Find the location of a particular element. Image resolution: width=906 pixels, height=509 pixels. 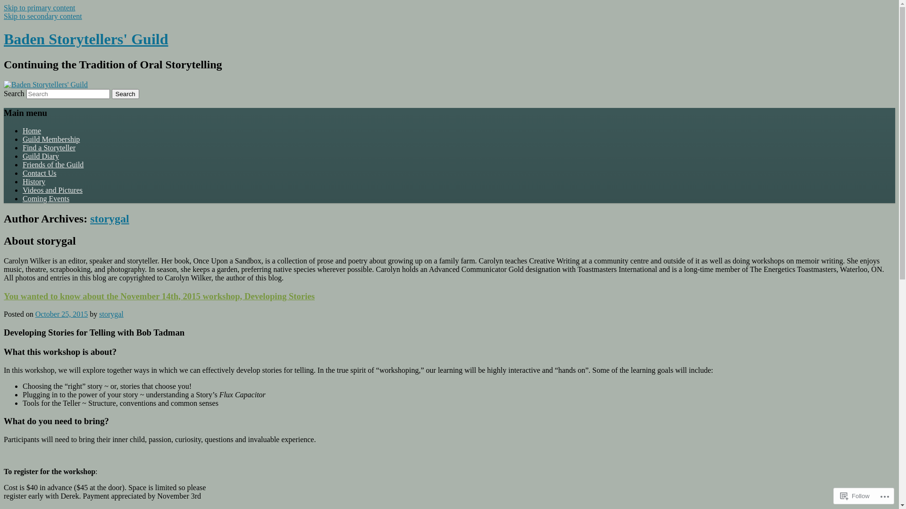

'Follow' is located at coordinates (855, 495).